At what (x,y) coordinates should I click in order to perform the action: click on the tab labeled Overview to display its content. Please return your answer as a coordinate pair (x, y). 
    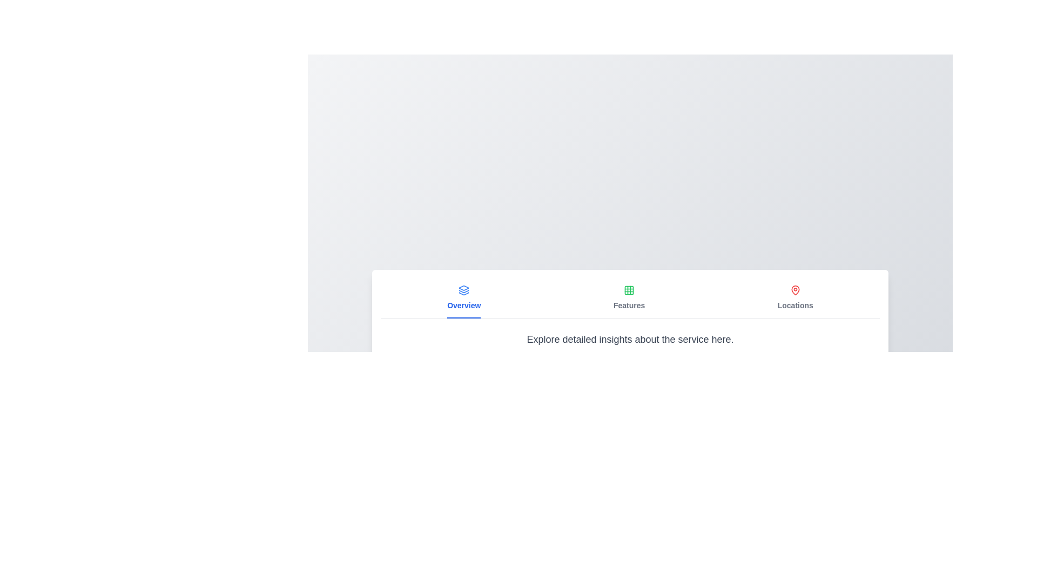
    Looking at the image, I should click on (464, 297).